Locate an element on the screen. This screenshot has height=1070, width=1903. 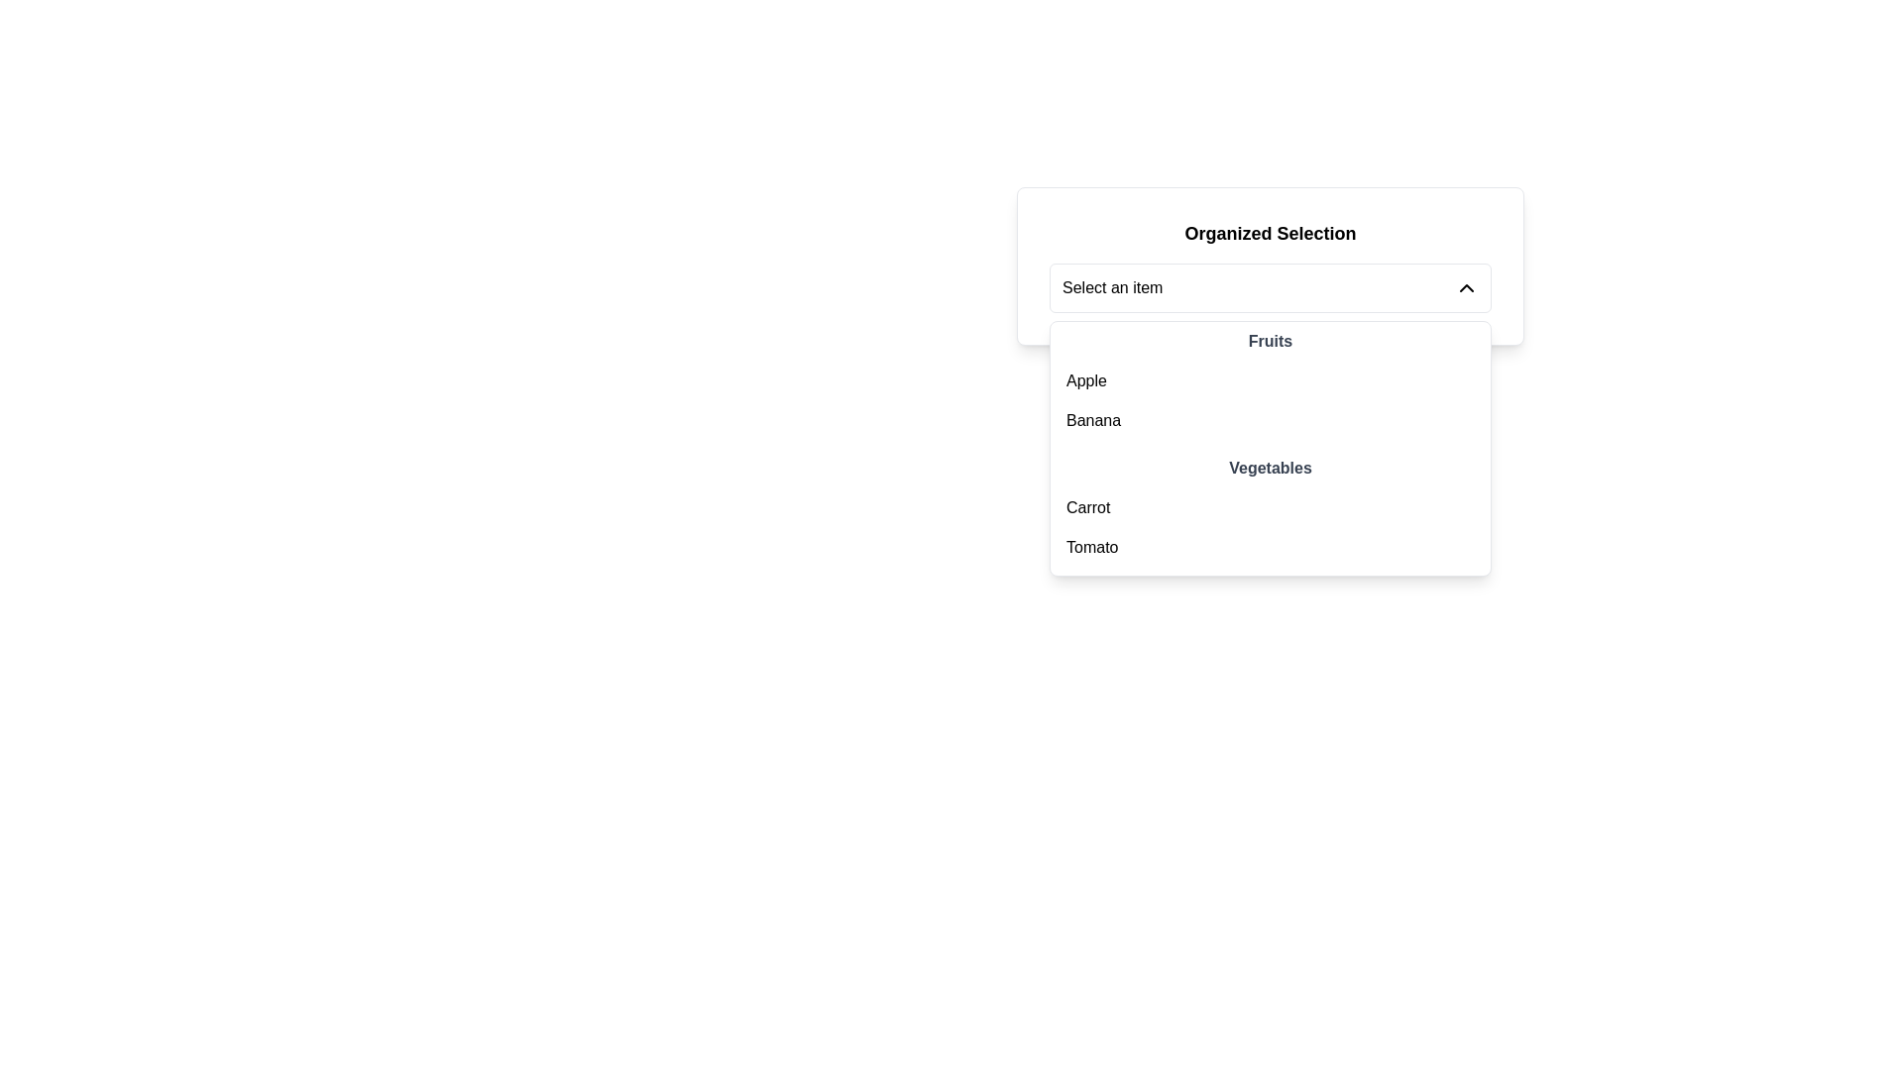
the text label displaying 'Tomato' in the bottom-most portion of the 'Vegetables' section in the dropdown menu under the 'Organized Selection' header is located at coordinates (1091, 547).